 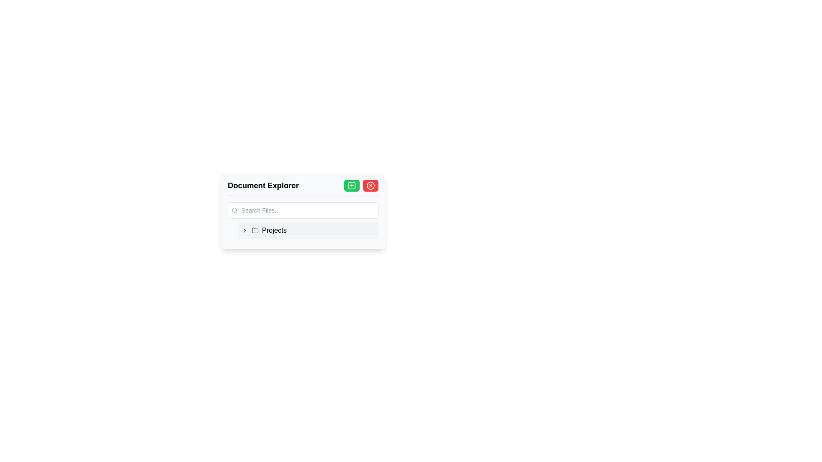 What do you see at coordinates (370, 185) in the screenshot?
I see `the second button in the upper-right corner of the 'Document Explorer' interface to initiate the associated removal or deletion action` at bounding box center [370, 185].